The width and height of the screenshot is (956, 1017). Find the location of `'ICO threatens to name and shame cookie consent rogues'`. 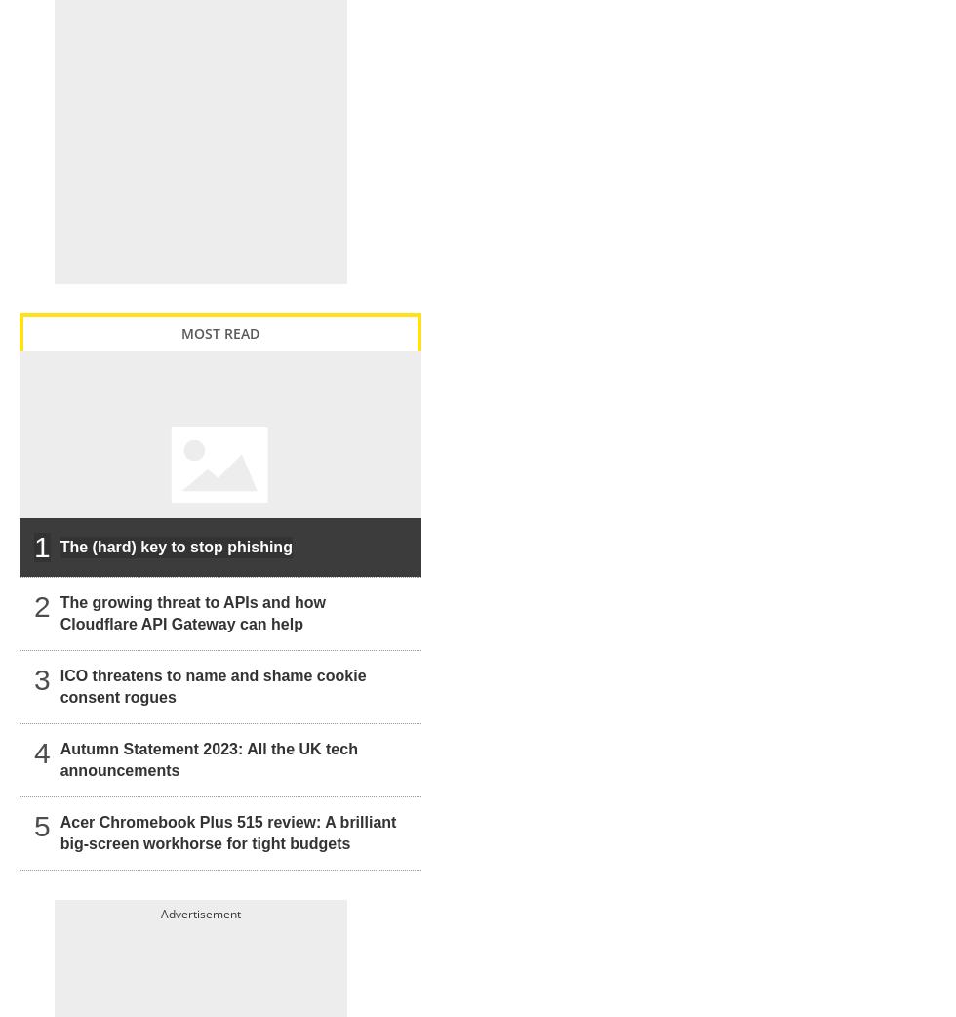

'ICO threatens to name and shame cookie consent rogues' is located at coordinates (59, 685).